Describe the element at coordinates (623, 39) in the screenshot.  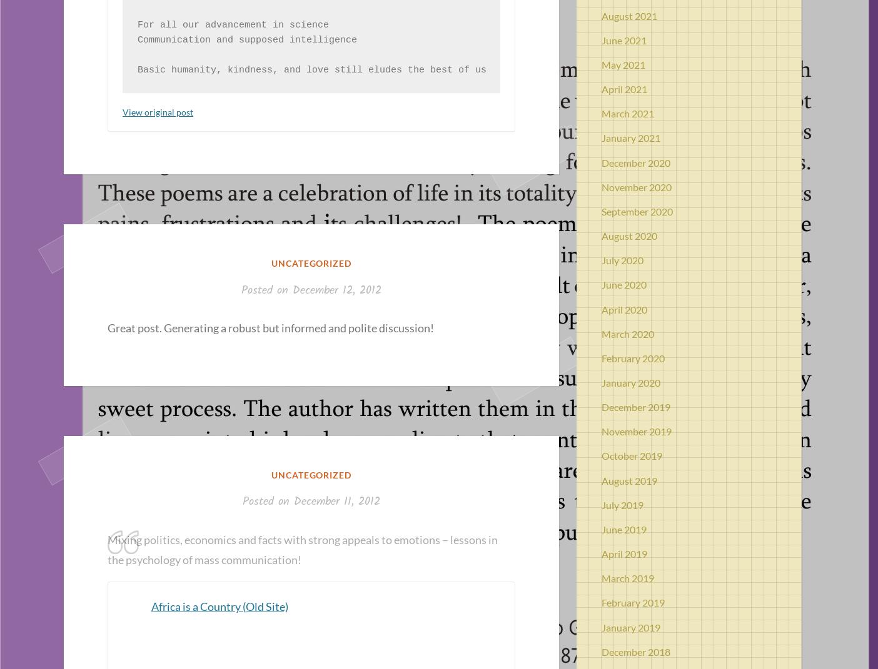
I see `'June 2021'` at that location.